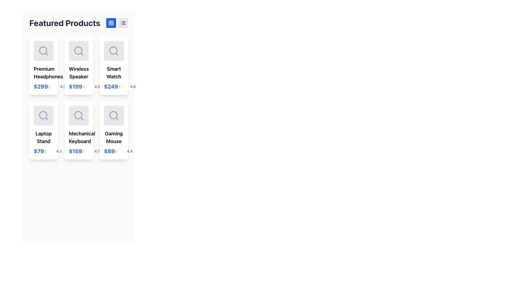 Image resolution: width=527 pixels, height=296 pixels. I want to click on the numeric rating score for the 'Wireless Speaker' located in the second row of product items, positioned below the price and to the right of the yellow star icon, so click(97, 86).